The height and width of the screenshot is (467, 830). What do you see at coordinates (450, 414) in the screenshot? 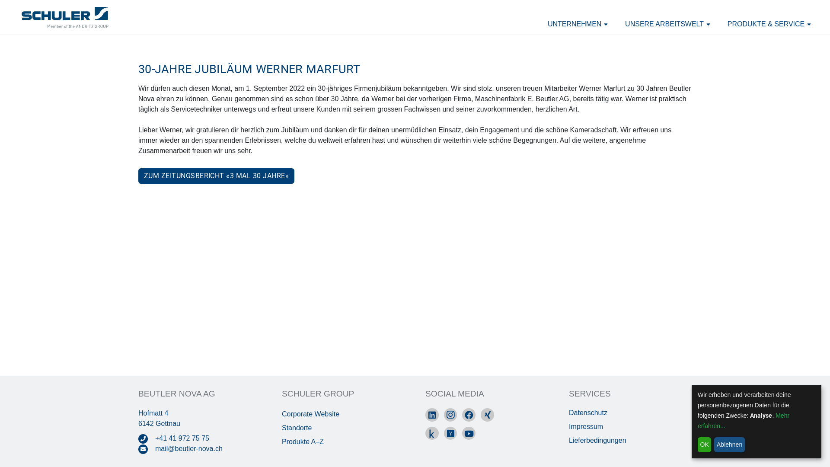
I see `'Instagram'` at bounding box center [450, 414].